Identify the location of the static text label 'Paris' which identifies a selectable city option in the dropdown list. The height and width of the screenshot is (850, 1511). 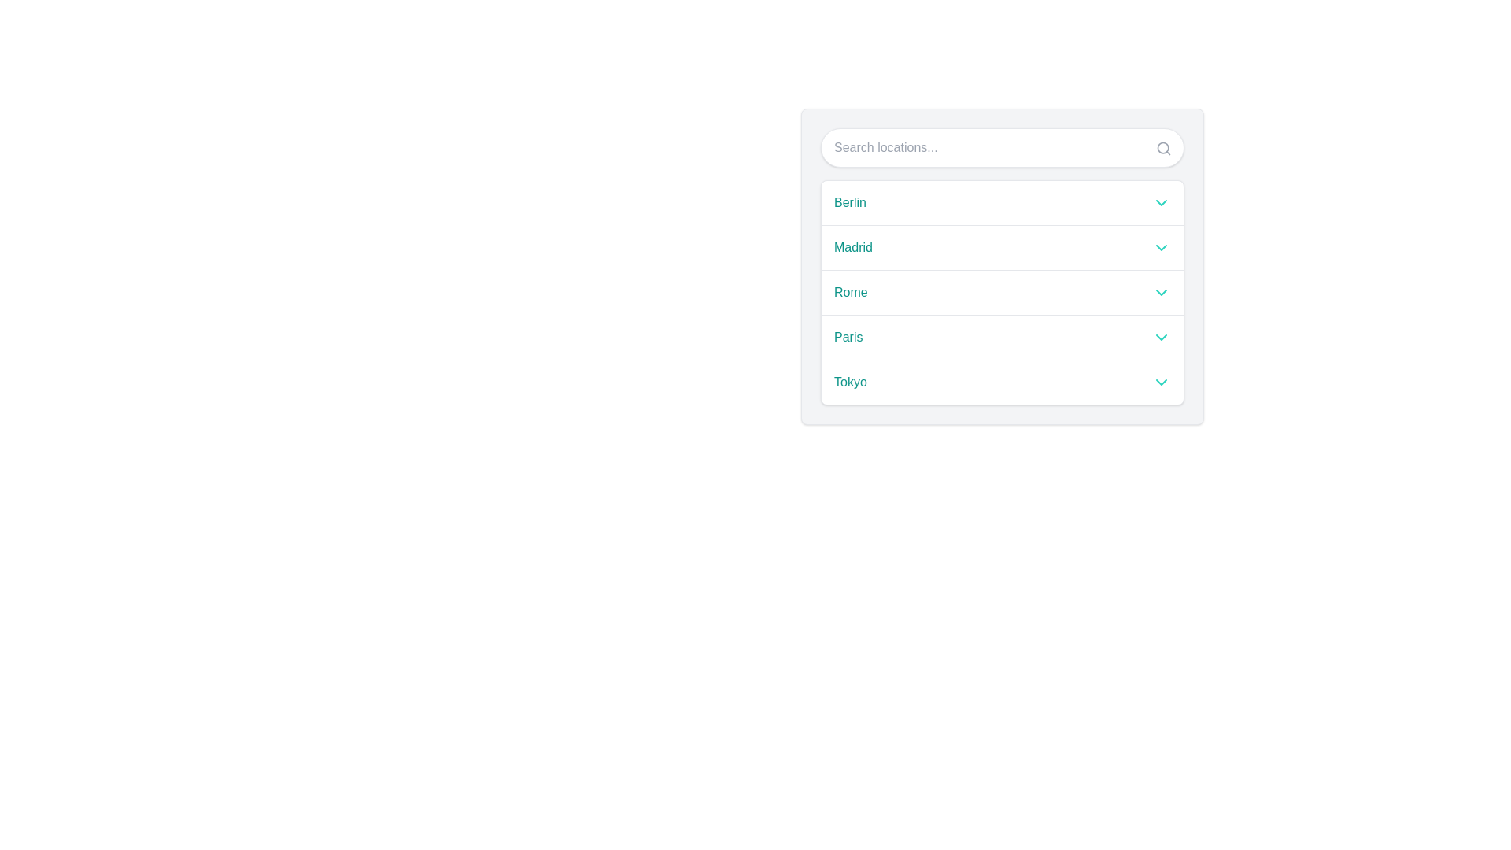
(848, 336).